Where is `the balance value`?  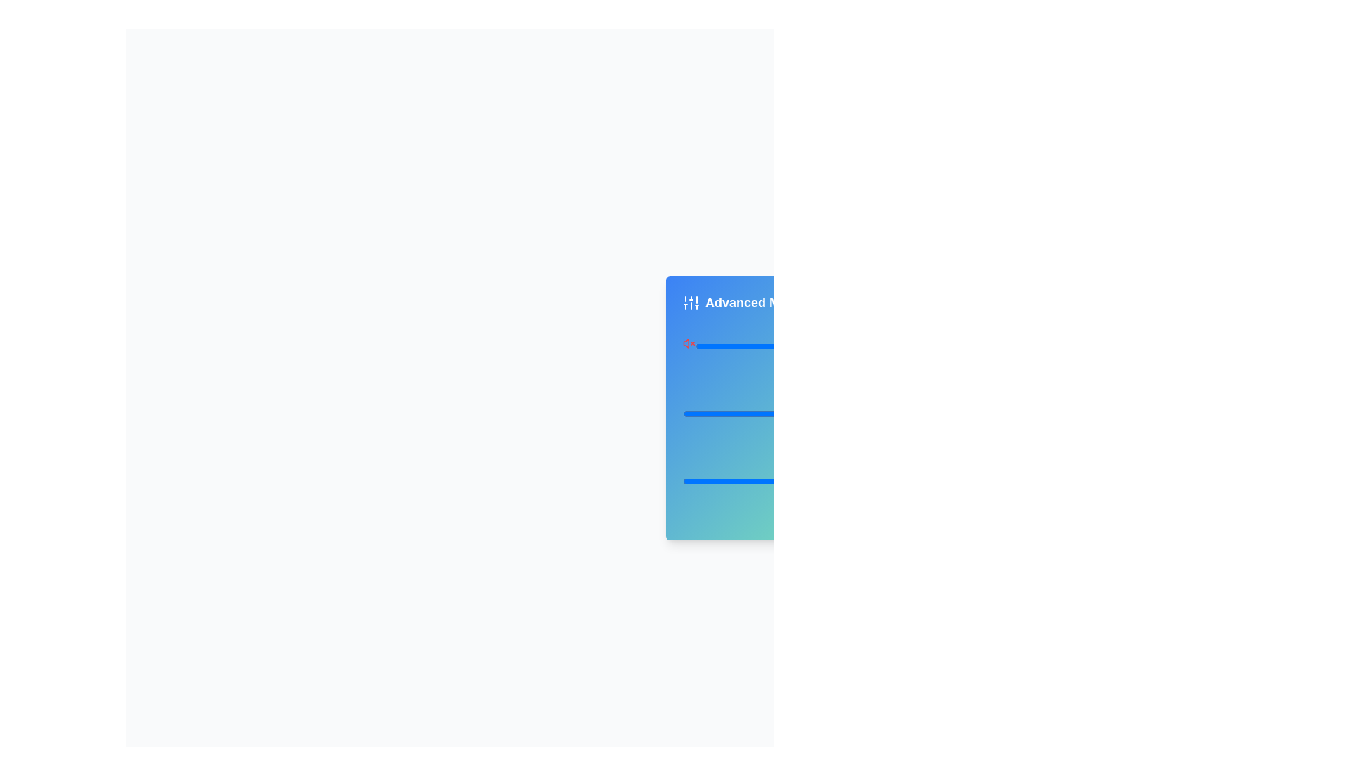
the balance value is located at coordinates (892, 413).